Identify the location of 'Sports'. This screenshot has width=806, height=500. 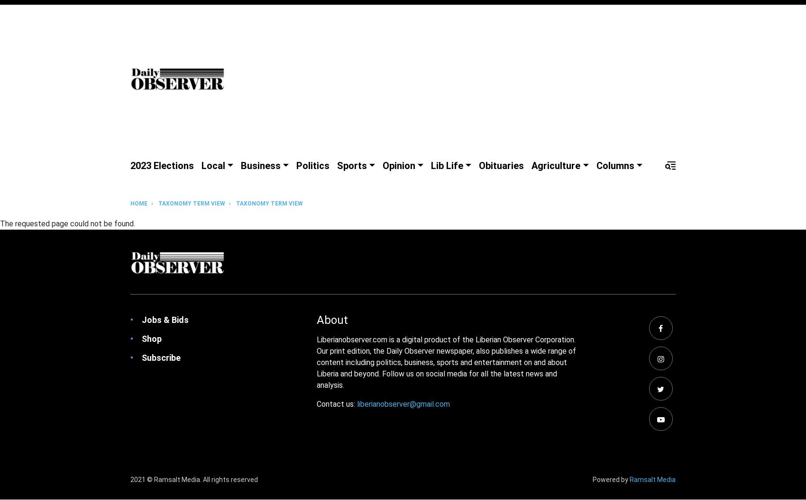
(352, 165).